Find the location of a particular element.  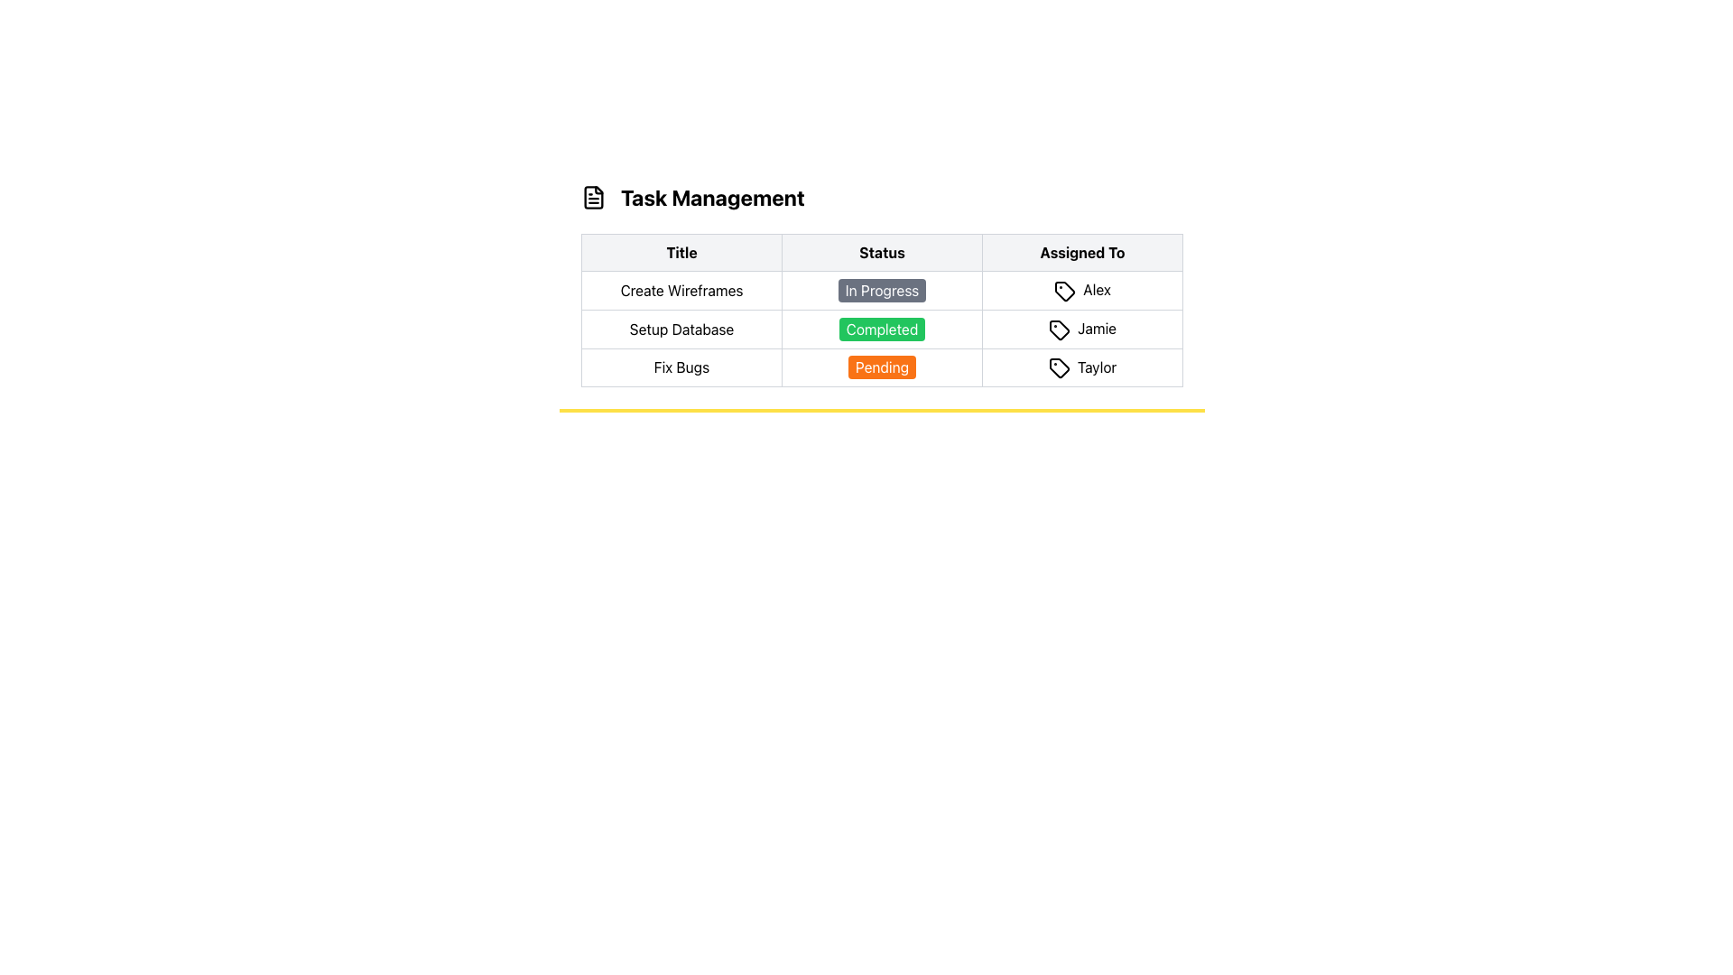

the status button in the third row of the Task Management table to update or view details for the task titled 'Fix Bugs' is located at coordinates (882, 367).